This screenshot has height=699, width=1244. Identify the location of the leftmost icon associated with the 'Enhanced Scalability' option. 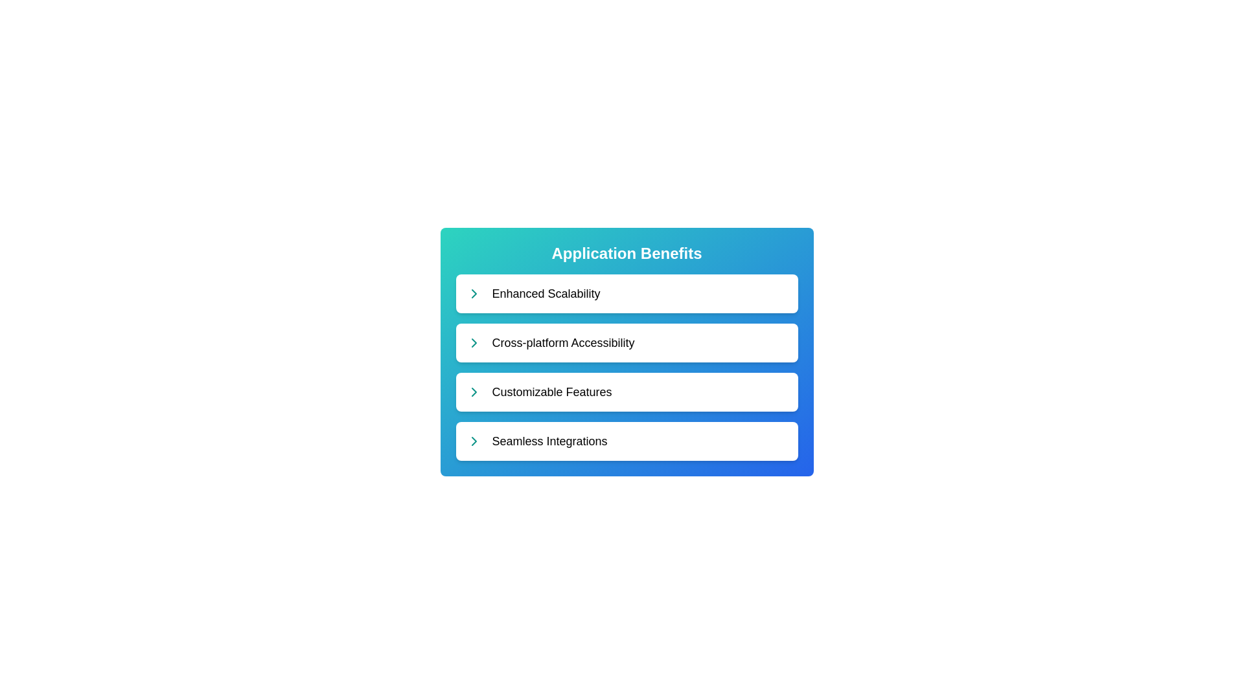
(473, 294).